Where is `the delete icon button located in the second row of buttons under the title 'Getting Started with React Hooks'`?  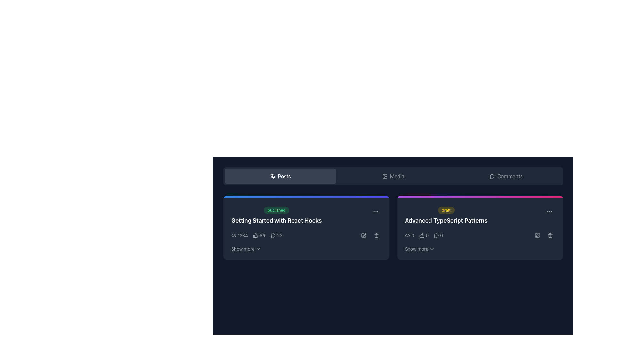 the delete icon button located in the second row of buttons under the title 'Getting Started with React Hooks' is located at coordinates (377, 236).